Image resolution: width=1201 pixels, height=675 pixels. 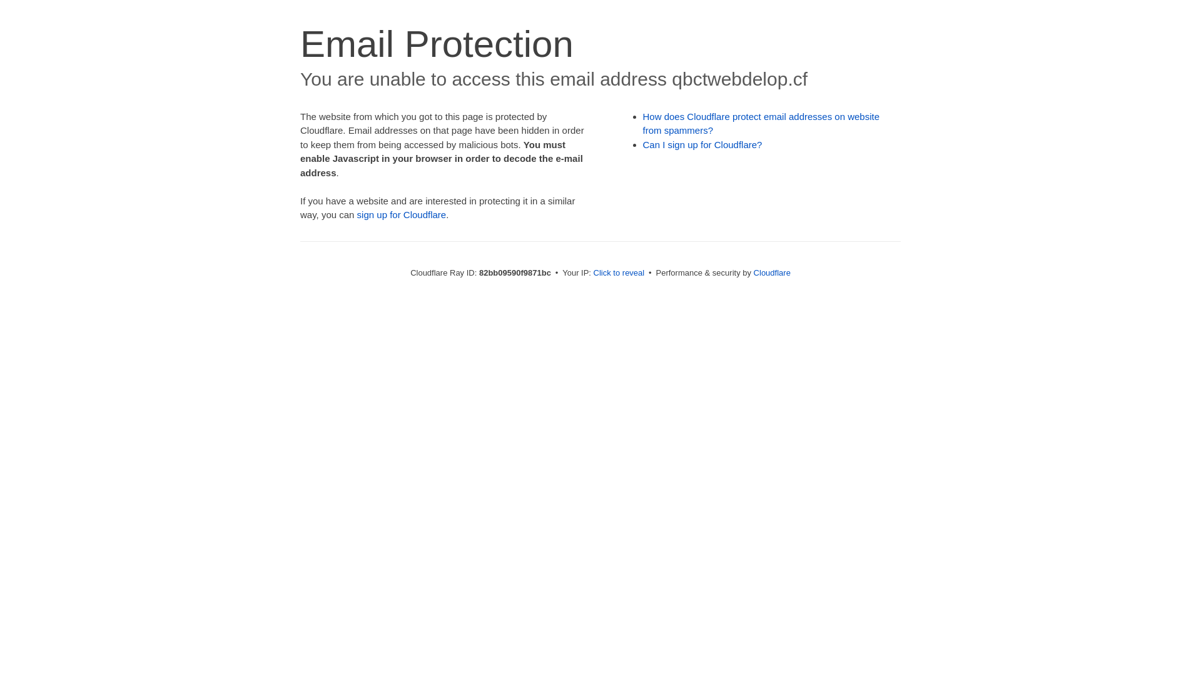 I want to click on 'Click to reveal', so click(x=593, y=272).